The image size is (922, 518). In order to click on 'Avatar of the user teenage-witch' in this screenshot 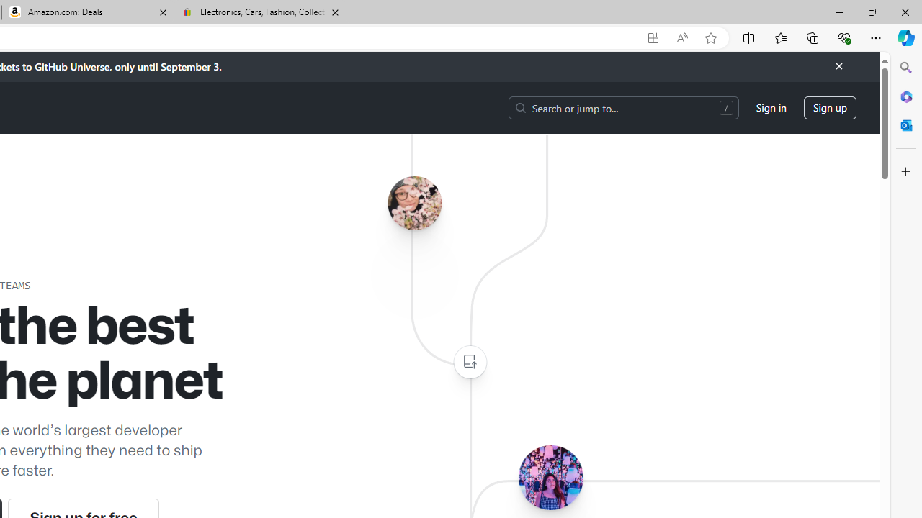, I will do `click(550, 477)`.